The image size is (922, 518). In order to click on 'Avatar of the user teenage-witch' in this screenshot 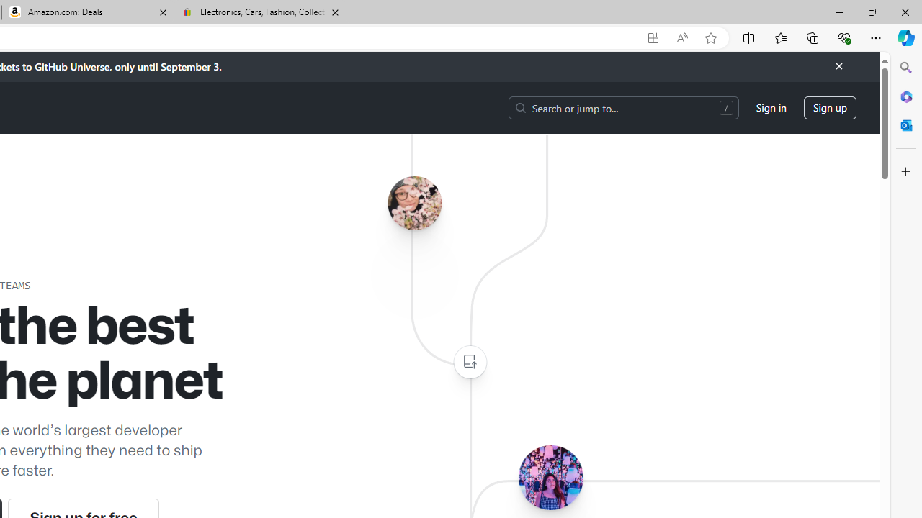, I will do `click(550, 477)`.